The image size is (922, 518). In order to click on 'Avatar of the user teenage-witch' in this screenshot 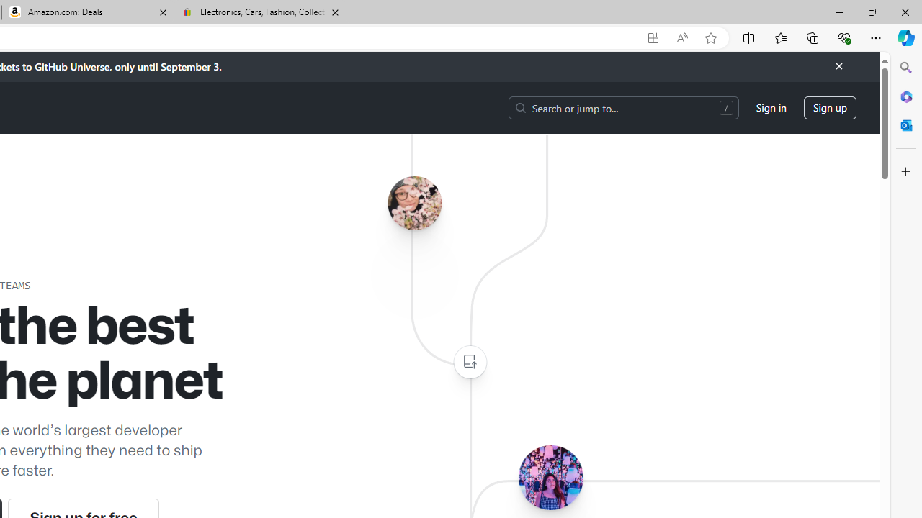, I will do `click(550, 477)`.